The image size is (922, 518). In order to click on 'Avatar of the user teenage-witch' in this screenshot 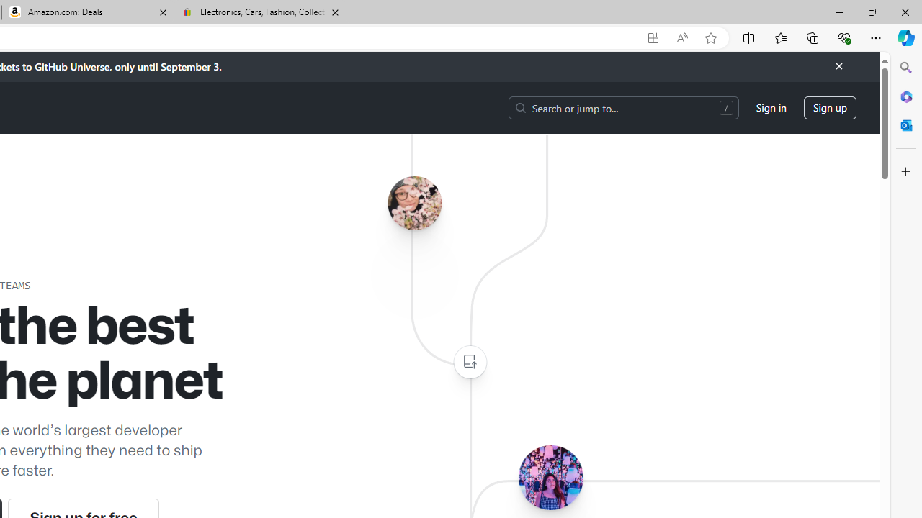, I will do `click(550, 477)`.